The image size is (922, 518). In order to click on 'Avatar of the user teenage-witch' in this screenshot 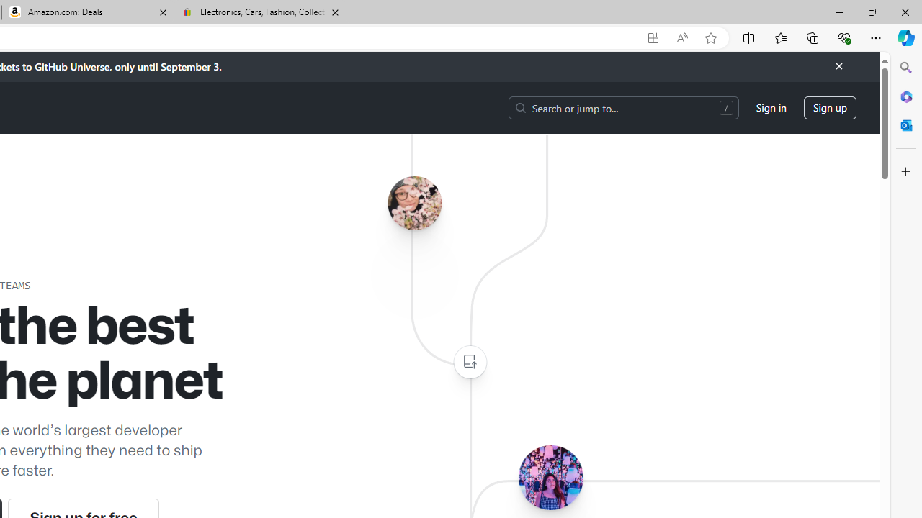, I will do `click(550, 477)`.